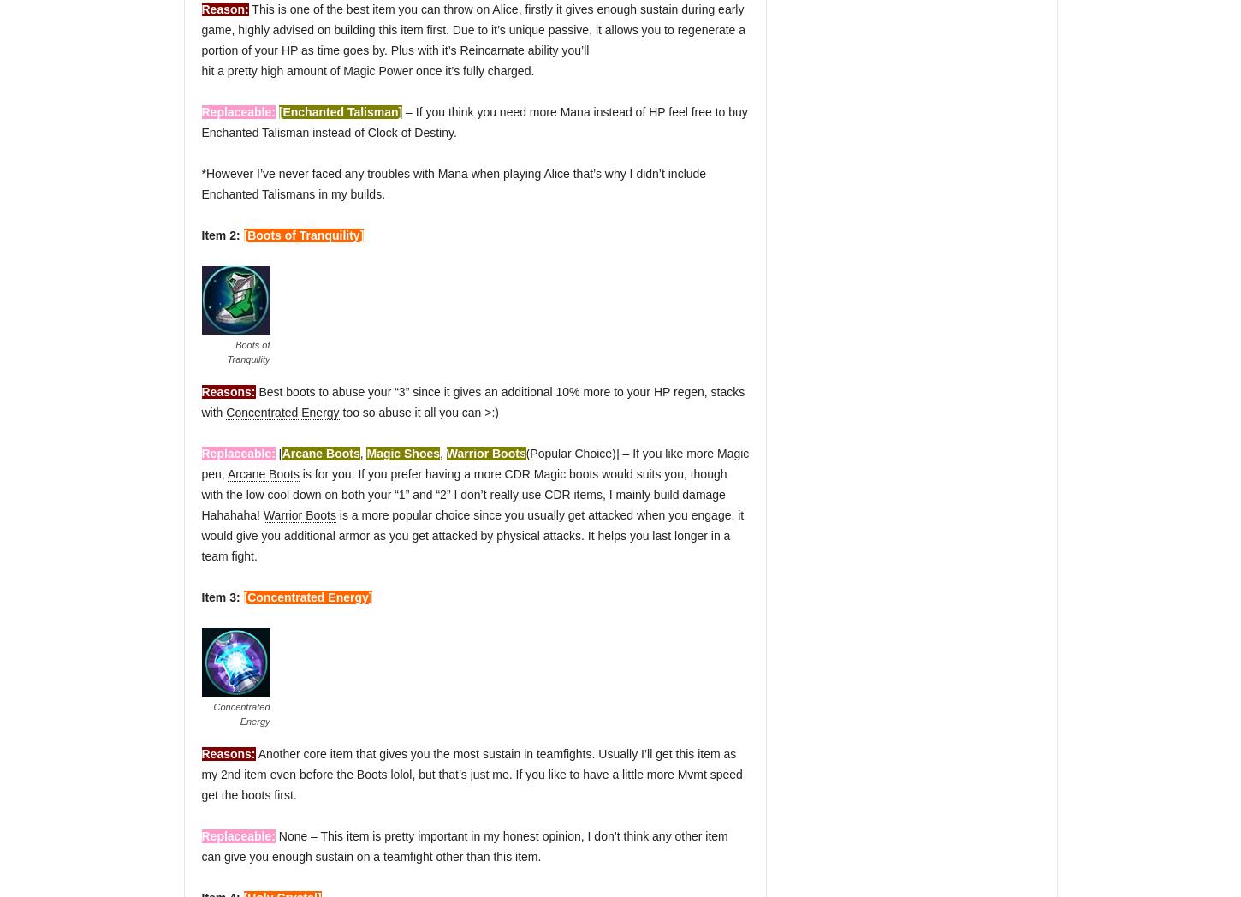 The height and width of the screenshot is (897, 1241). I want to click on 'hit a pretty high amount of Magic Power once it’s fully charged.', so click(200, 71).